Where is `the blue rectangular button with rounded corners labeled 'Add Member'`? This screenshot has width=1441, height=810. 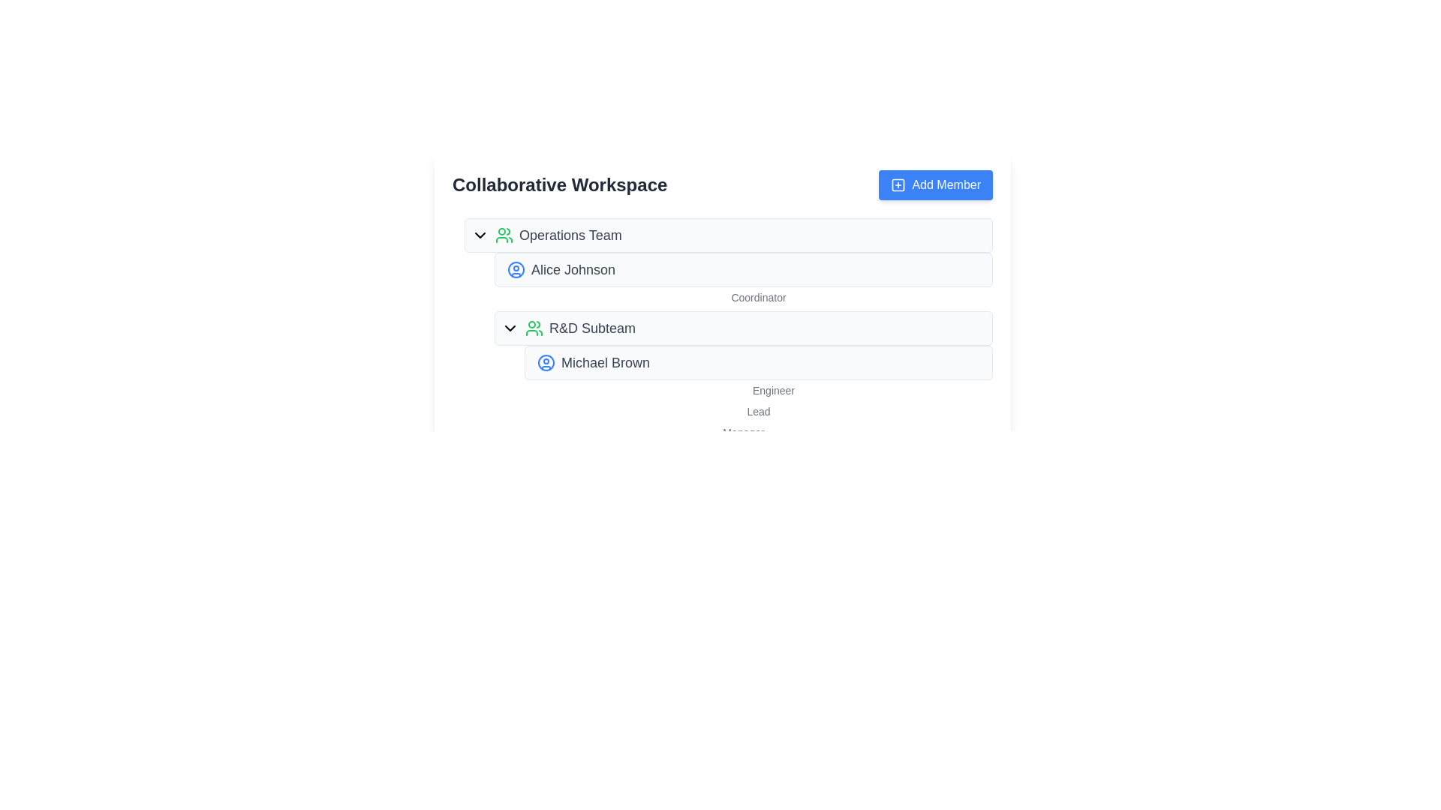 the blue rectangular button with rounded corners labeled 'Add Member' is located at coordinates (935, 184).